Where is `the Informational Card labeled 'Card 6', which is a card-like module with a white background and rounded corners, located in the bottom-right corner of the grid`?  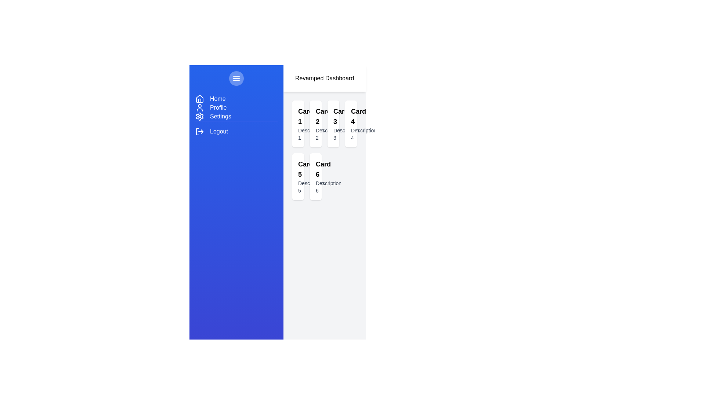
the Informational Card labeled 'Card 6', which is a card-like module with a white background and rounded corners, located in the bottom-right corner of the grid is located at coordinates (315, 177).